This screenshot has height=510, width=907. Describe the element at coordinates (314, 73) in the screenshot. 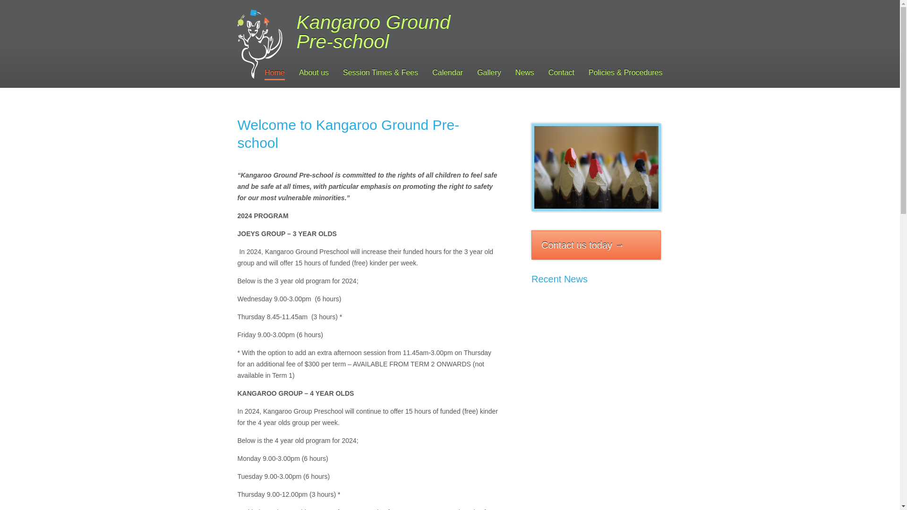

I see `'About us'` at that location.